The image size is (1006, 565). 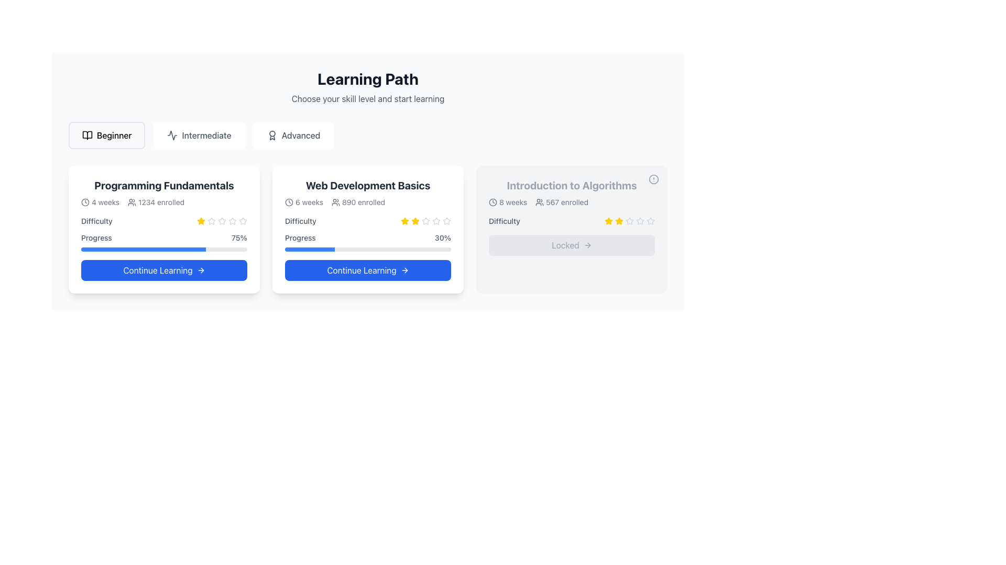 What do you see at coordinates (404, 220) in the screenshot?
I see `the second star icon in the rating sequence under the 'Web Development Basics' card` at bounding box center [404, 220].